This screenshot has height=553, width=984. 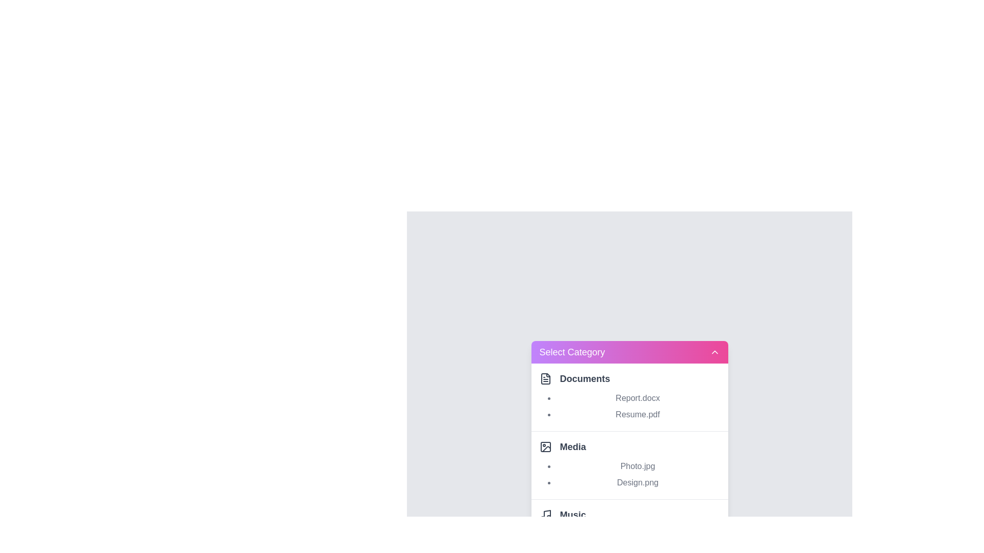 What do you see at coordinates (545, 378) in the screenshot?
I see `the file icon with a gray outline and text lines, located to the left of the 'Documents' label in the 'Select Category' section` at bounding box center [545, 378].